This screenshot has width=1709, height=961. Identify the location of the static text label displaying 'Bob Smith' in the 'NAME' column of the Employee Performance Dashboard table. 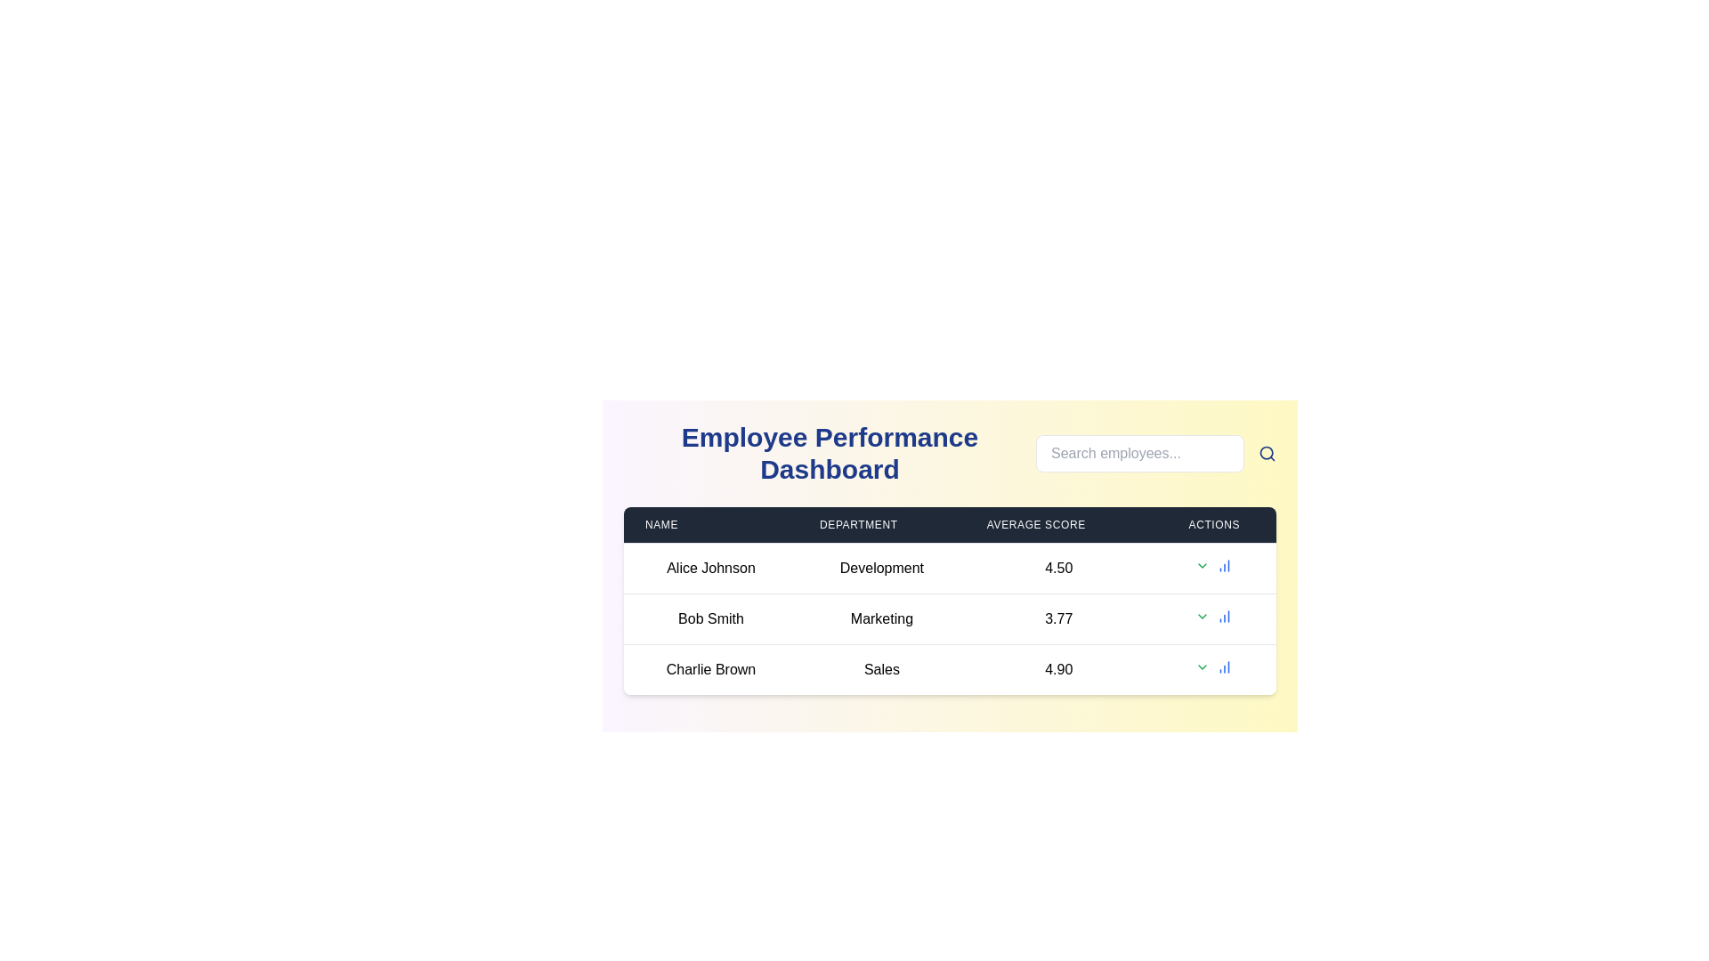
(710, 618).